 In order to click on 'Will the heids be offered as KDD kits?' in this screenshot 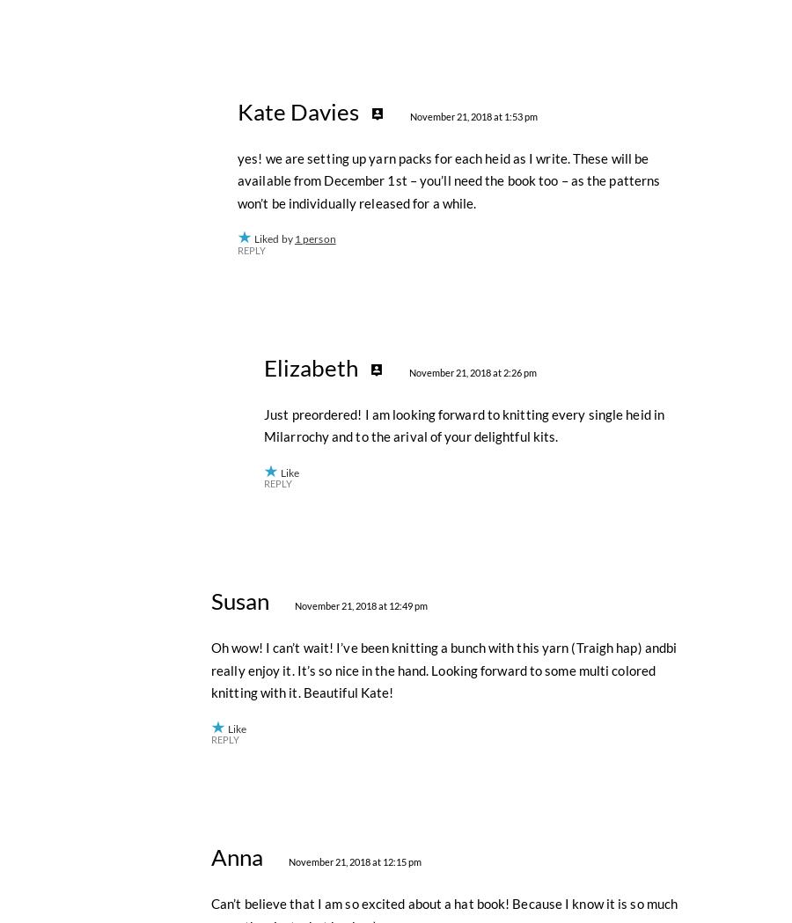, I will do `click(321, 332)`.